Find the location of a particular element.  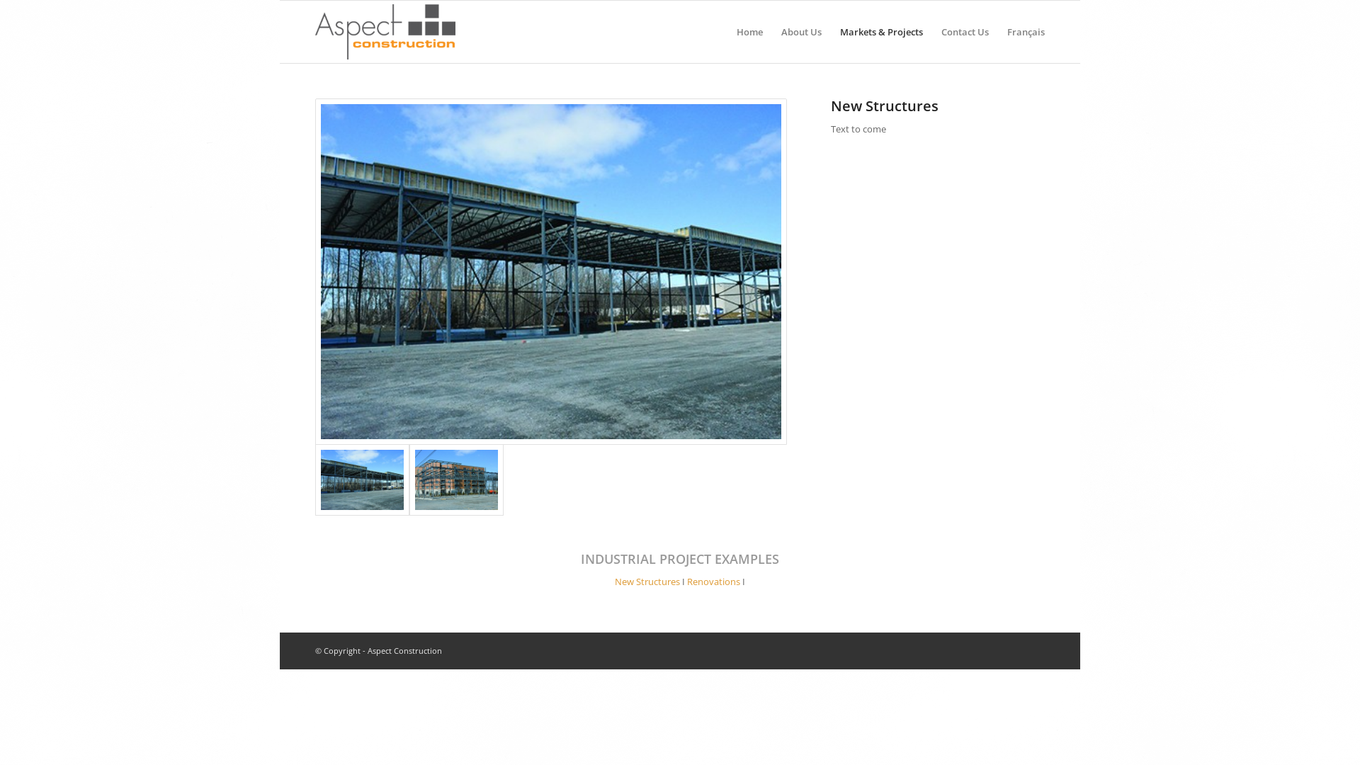

'New Structures' is located at coordinates (646, 582).